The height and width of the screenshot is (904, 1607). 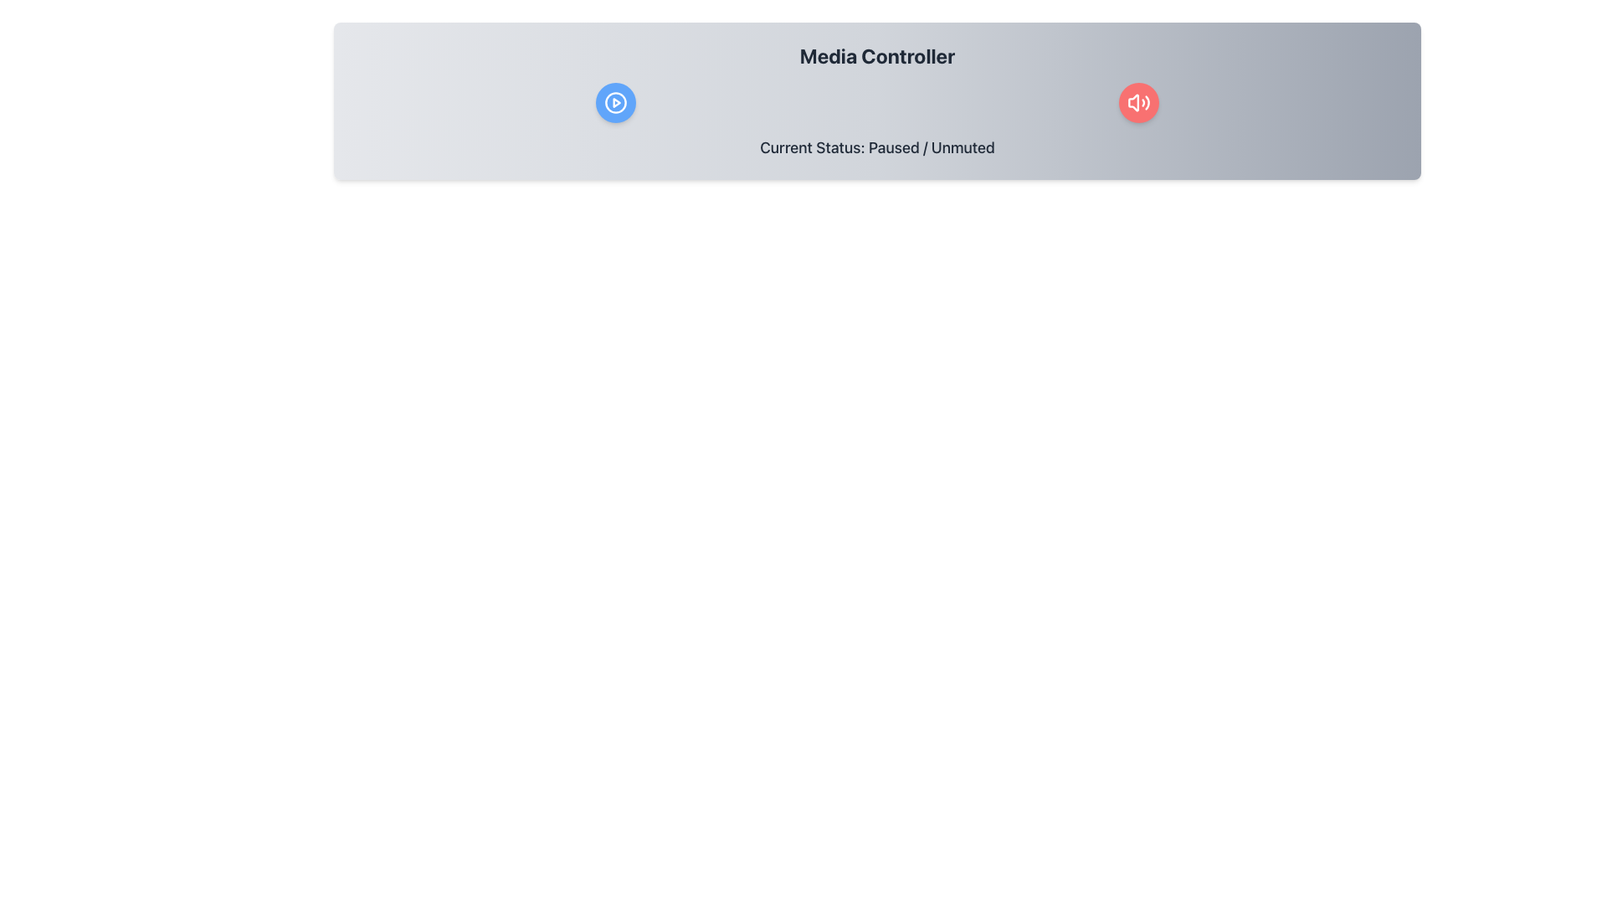 What do you see at coordinates (1138, 103) in the screenshot?
I see `the red sound control icon button located in the upper-right corner of the interface, next to the 'Media Controller' label` at bounding box center [1138, 103].